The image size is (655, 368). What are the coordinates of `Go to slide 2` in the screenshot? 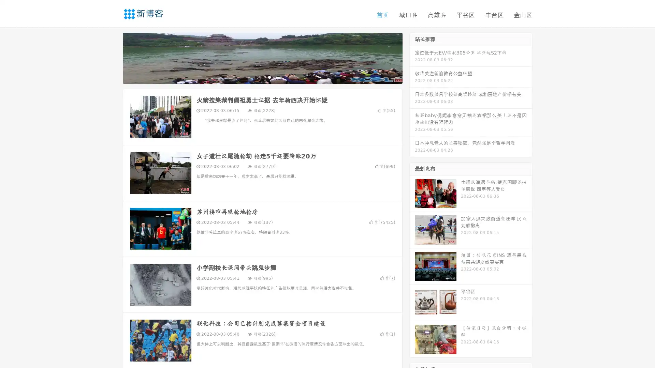 It's located at (262, 77).